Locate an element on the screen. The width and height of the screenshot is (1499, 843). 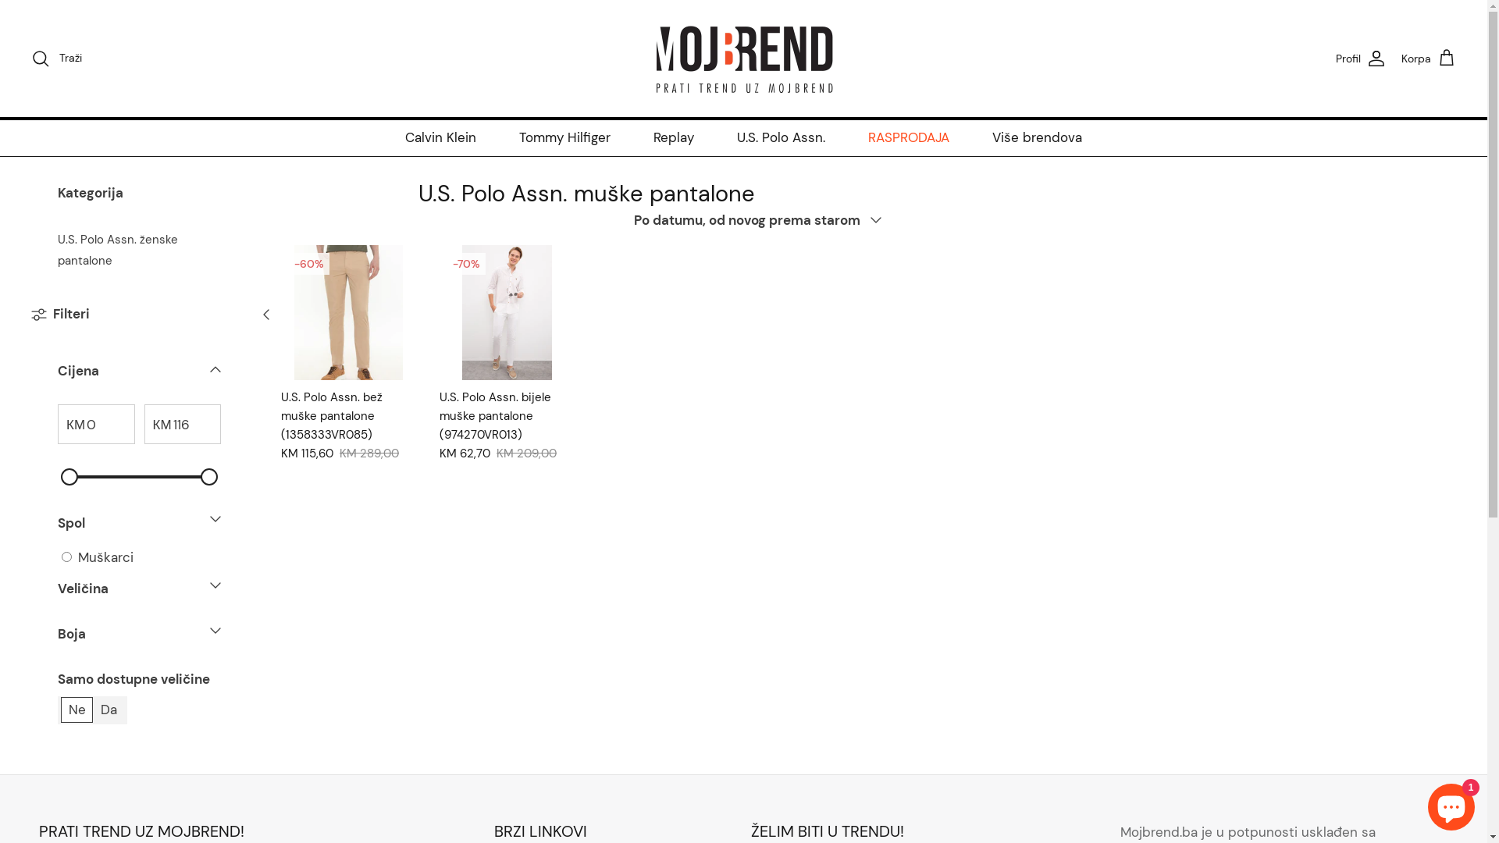
'U.S. Polo Assn.' is located at coordinates (781, 137).